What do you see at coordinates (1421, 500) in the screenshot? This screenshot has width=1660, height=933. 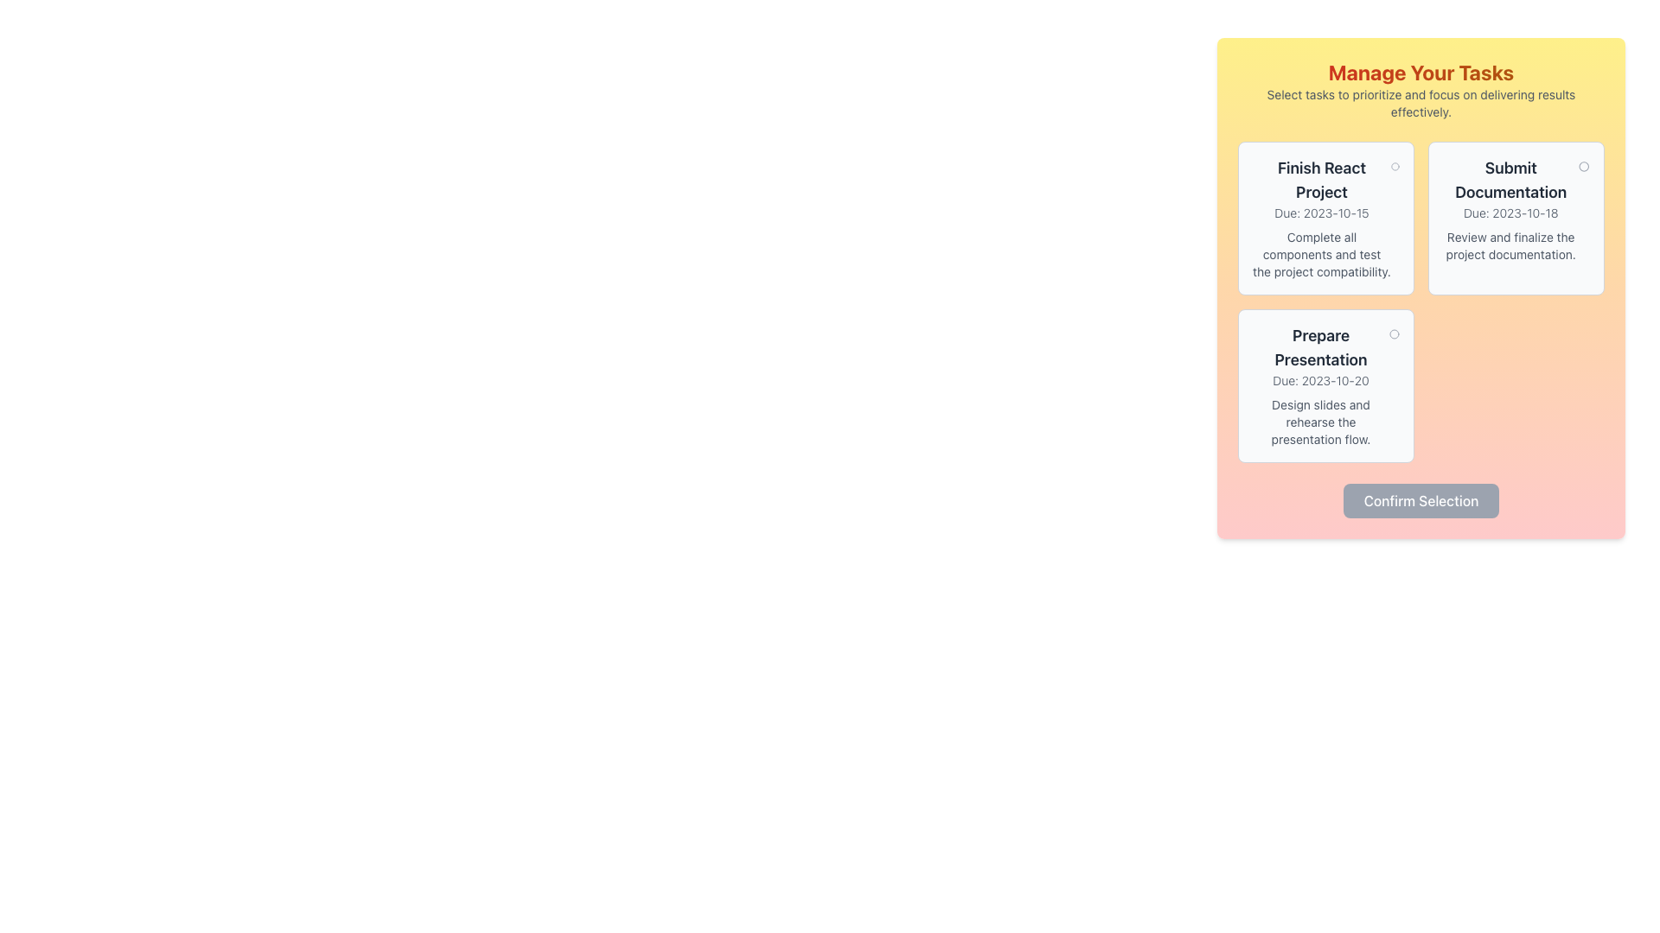 I see `the disabled button labeled 'Confirm Selection' at the bottom of the 'Manage Your Tasks' section, which has a gray background and white text` at bounding box center [1421, 500].